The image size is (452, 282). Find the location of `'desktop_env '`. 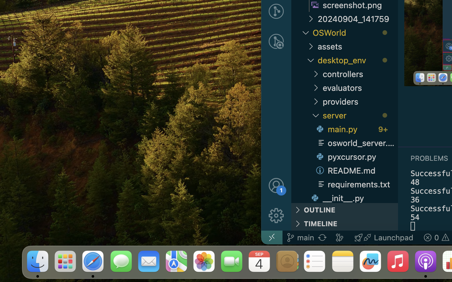

'desktop_env ' is located at coordinates (358, 60).